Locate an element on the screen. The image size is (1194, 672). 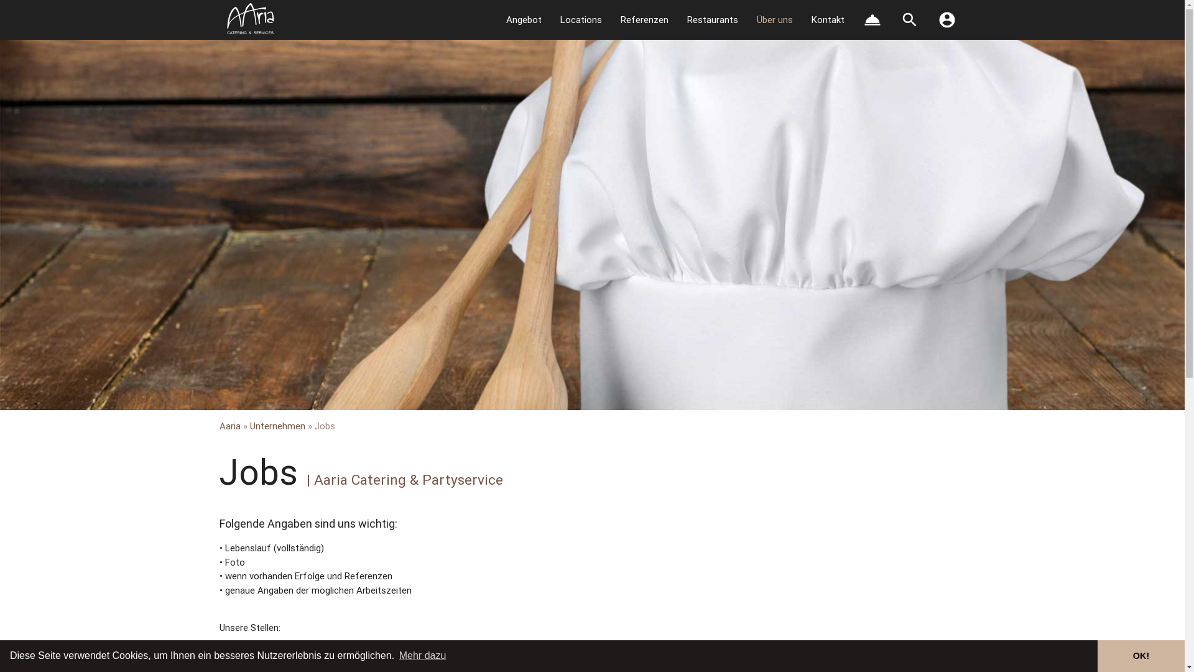
'Restaurants' is located at coordinates (713, 19).